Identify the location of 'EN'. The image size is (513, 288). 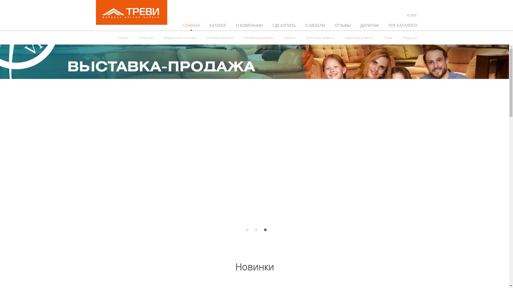
(414, 15).